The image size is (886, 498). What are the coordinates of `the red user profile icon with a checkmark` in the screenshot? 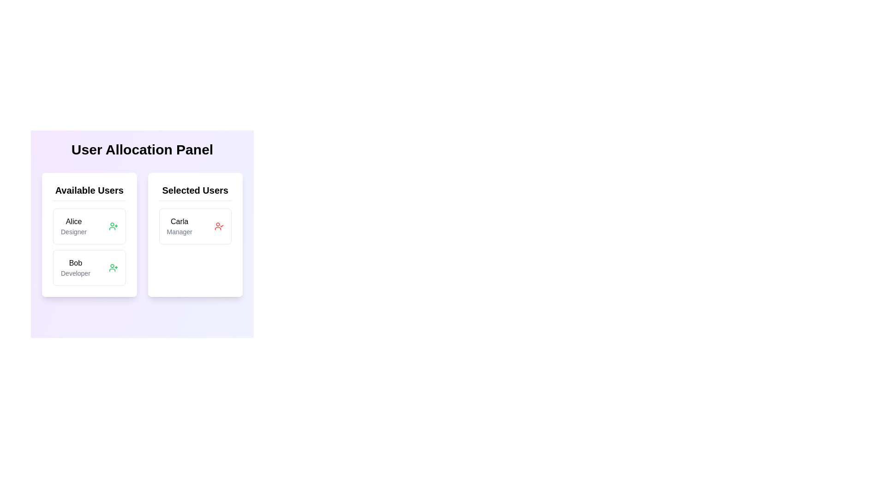 It's located at (219, 226).